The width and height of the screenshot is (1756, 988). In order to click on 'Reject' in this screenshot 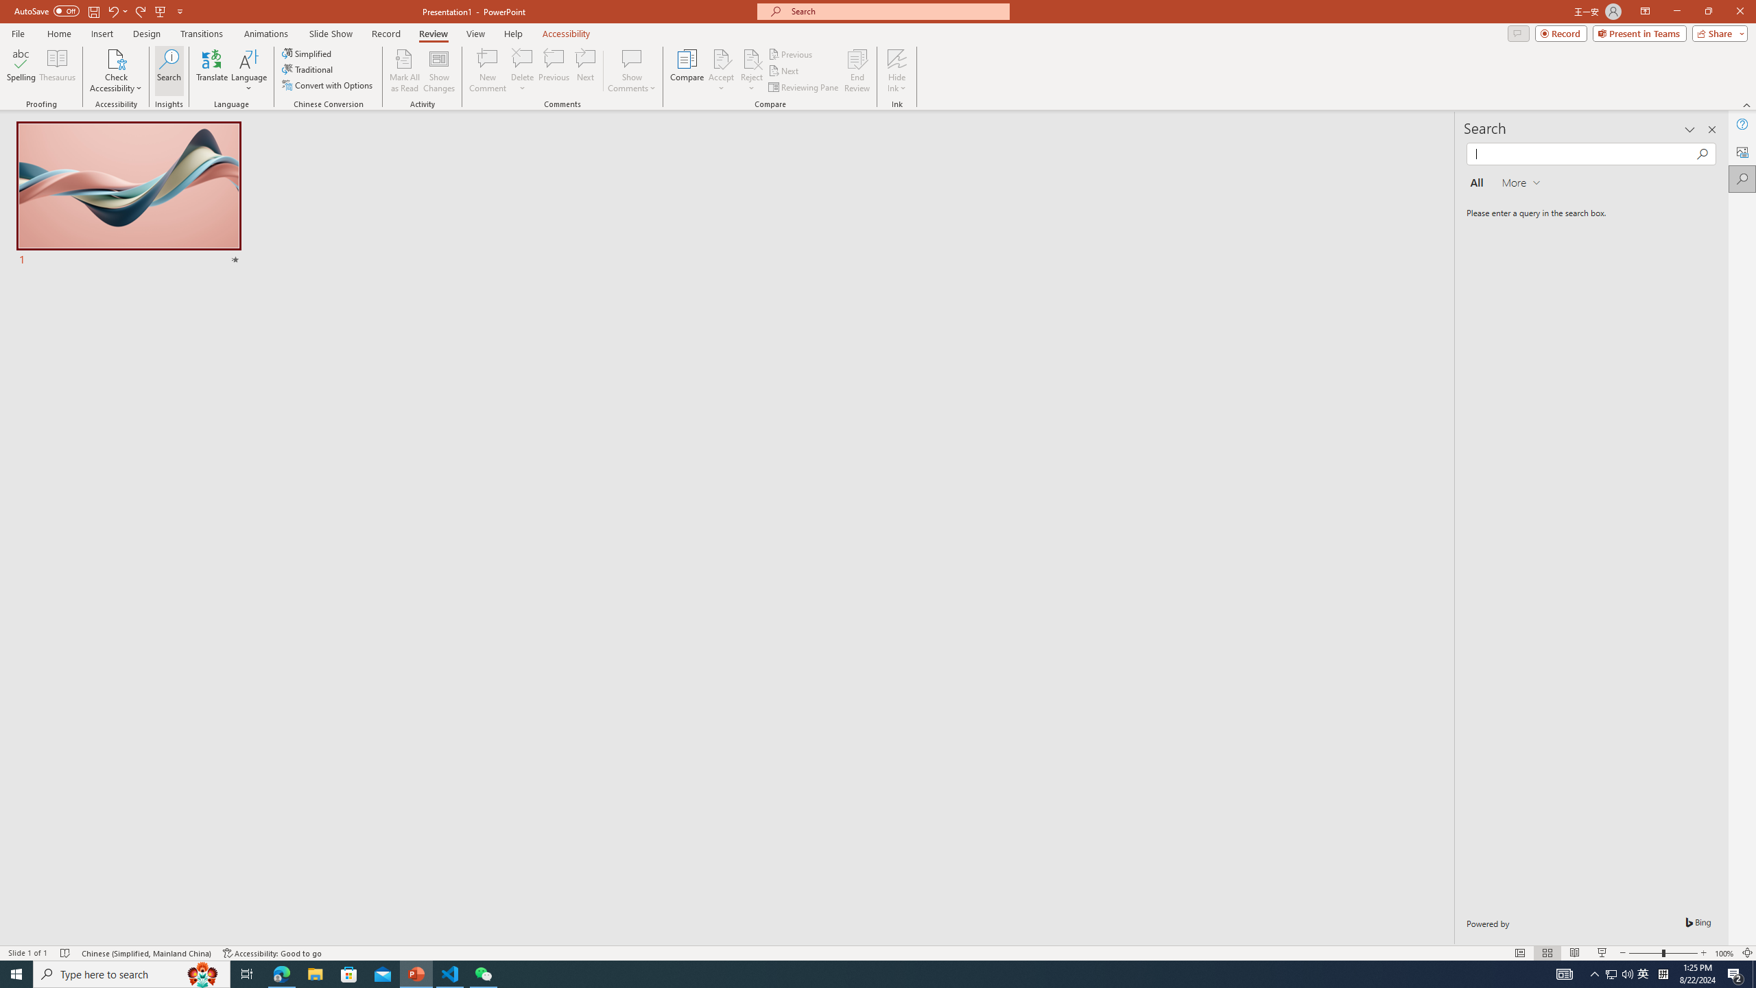, I will do `click(750, 71)`.